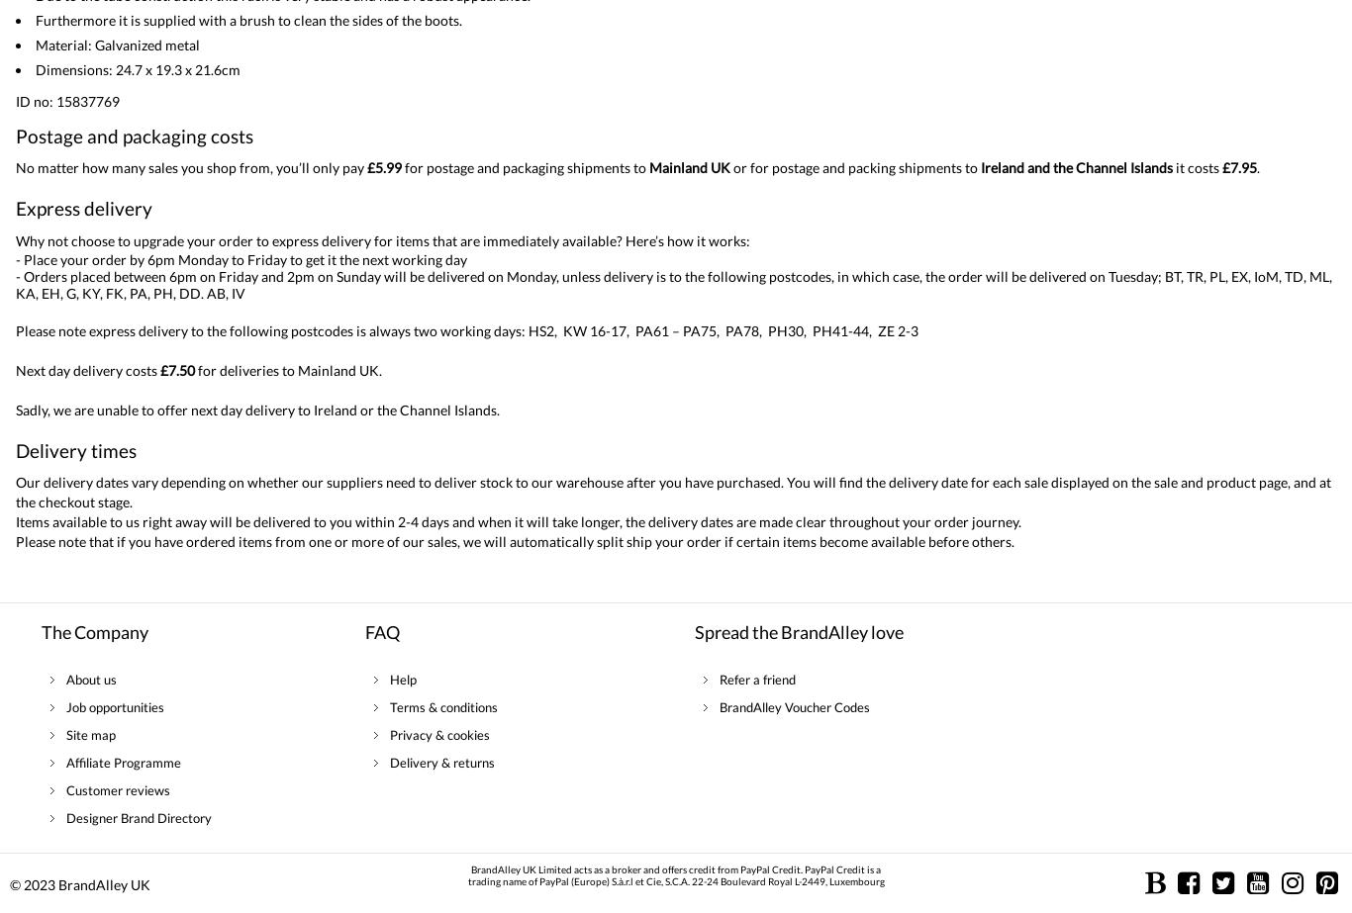 Image resolution: width=1352 pixels, height=913 pixels. I want to click on 'Please note express delivery to the following postcodes is always two working days: HS2,  KW 16-17,  PA61 – PA75,  PA78,  PH30,  PH41-44,  ZE 2-3', so click(466, 329).